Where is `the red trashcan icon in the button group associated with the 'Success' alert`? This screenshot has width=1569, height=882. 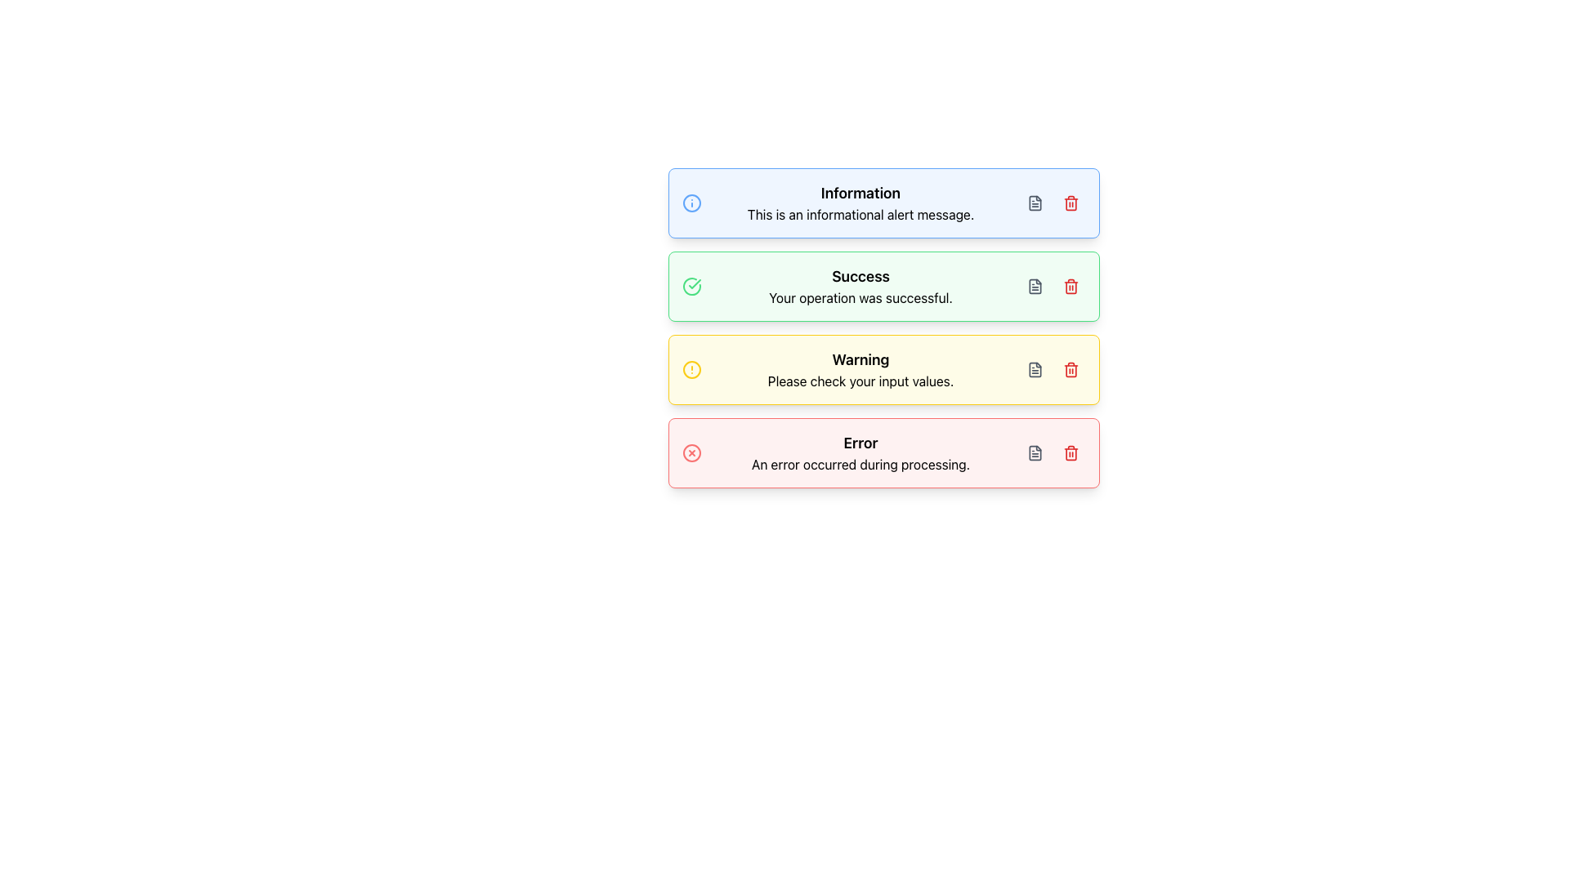 the red trashcan icon in the button group associated with the 'Success' alert is located at coordinates (1053, 286).